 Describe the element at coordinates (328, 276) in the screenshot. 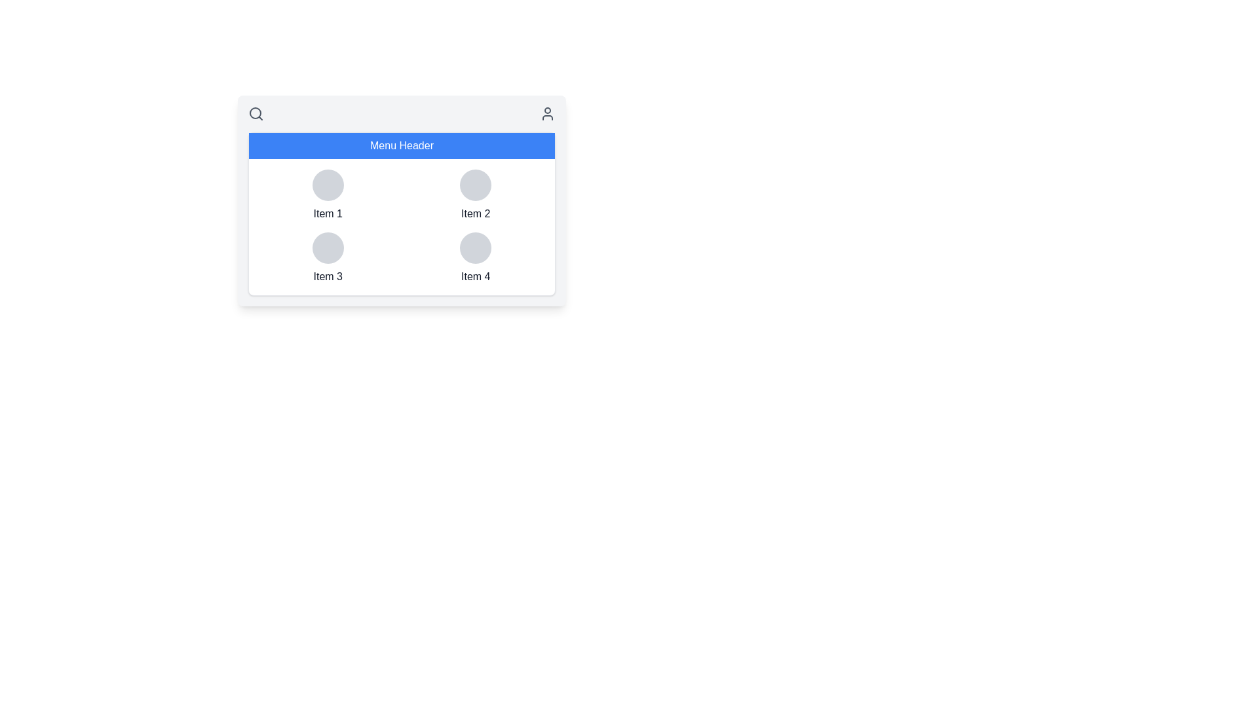

I see `the text label displaying 'Item 3', which is located underneath a circular gray image placeholder in the second row of the third column of the grid layout under 'Menu Header'` at that location.